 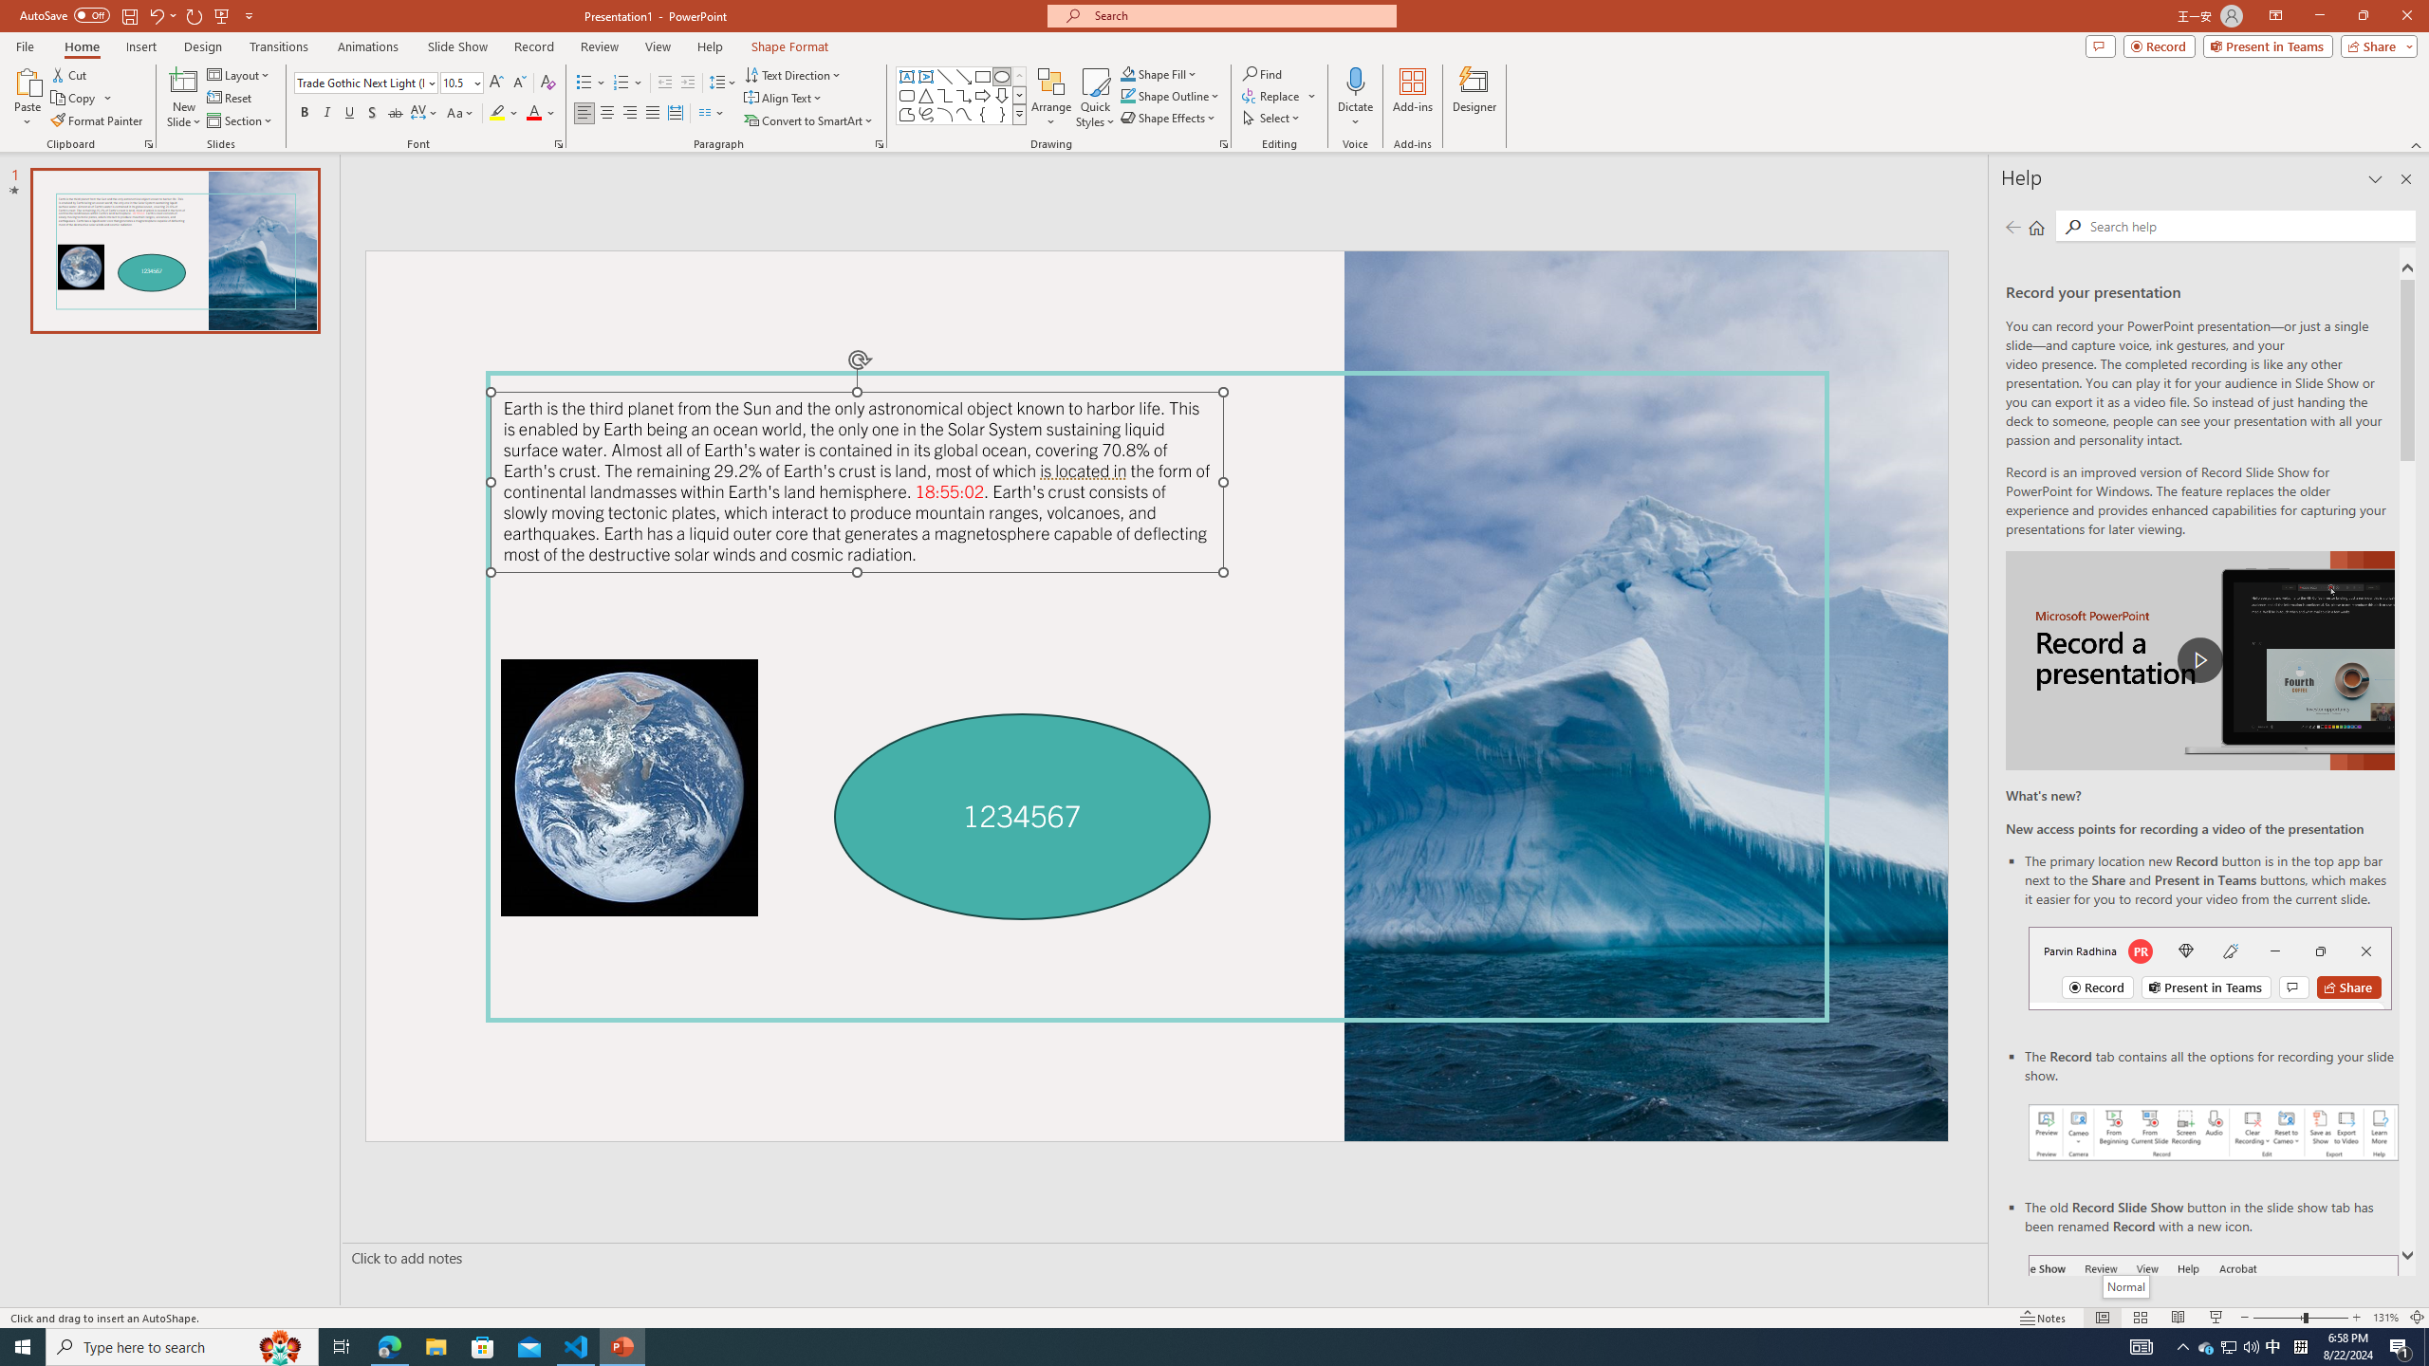 I want to click on 'Shape Fill Aqua, Accent 2', so click(x=1128, y=73).